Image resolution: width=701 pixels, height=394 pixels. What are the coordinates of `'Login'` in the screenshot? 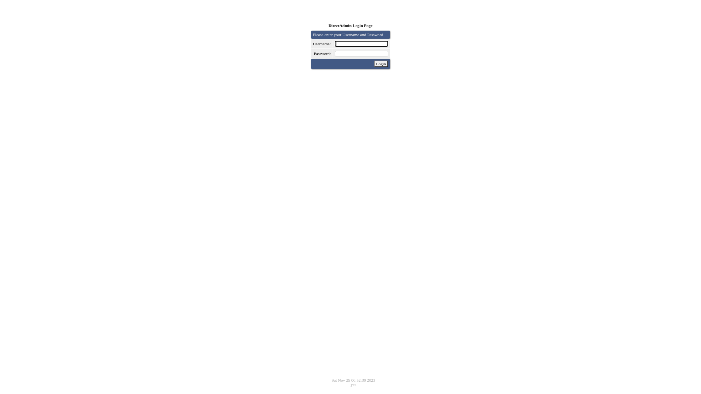 It's located at (374, 63).